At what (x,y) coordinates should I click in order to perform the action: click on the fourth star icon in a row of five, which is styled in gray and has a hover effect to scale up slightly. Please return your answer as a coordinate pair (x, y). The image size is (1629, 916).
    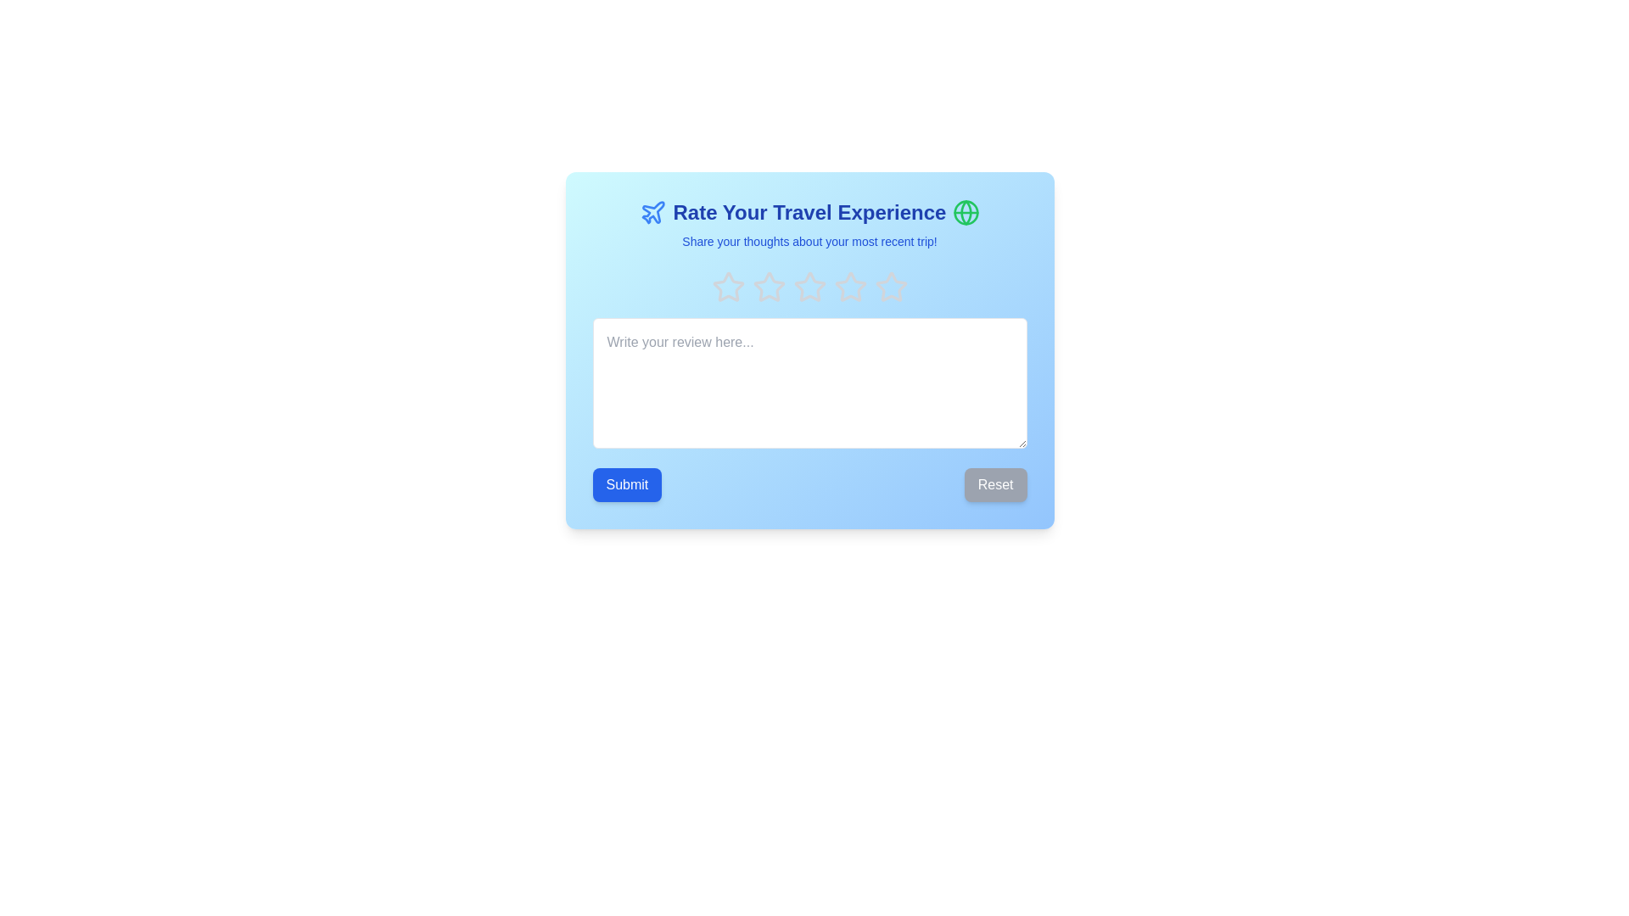
    Looking at the image, I should click on (850, 287).